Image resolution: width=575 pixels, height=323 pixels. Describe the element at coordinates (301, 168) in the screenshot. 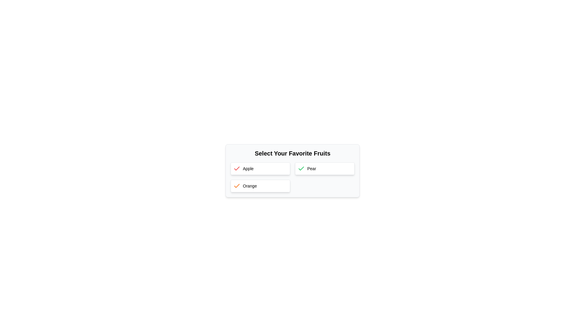

I see `the selection confirmation icon located to the left of the 'Pear' button text` at that location.